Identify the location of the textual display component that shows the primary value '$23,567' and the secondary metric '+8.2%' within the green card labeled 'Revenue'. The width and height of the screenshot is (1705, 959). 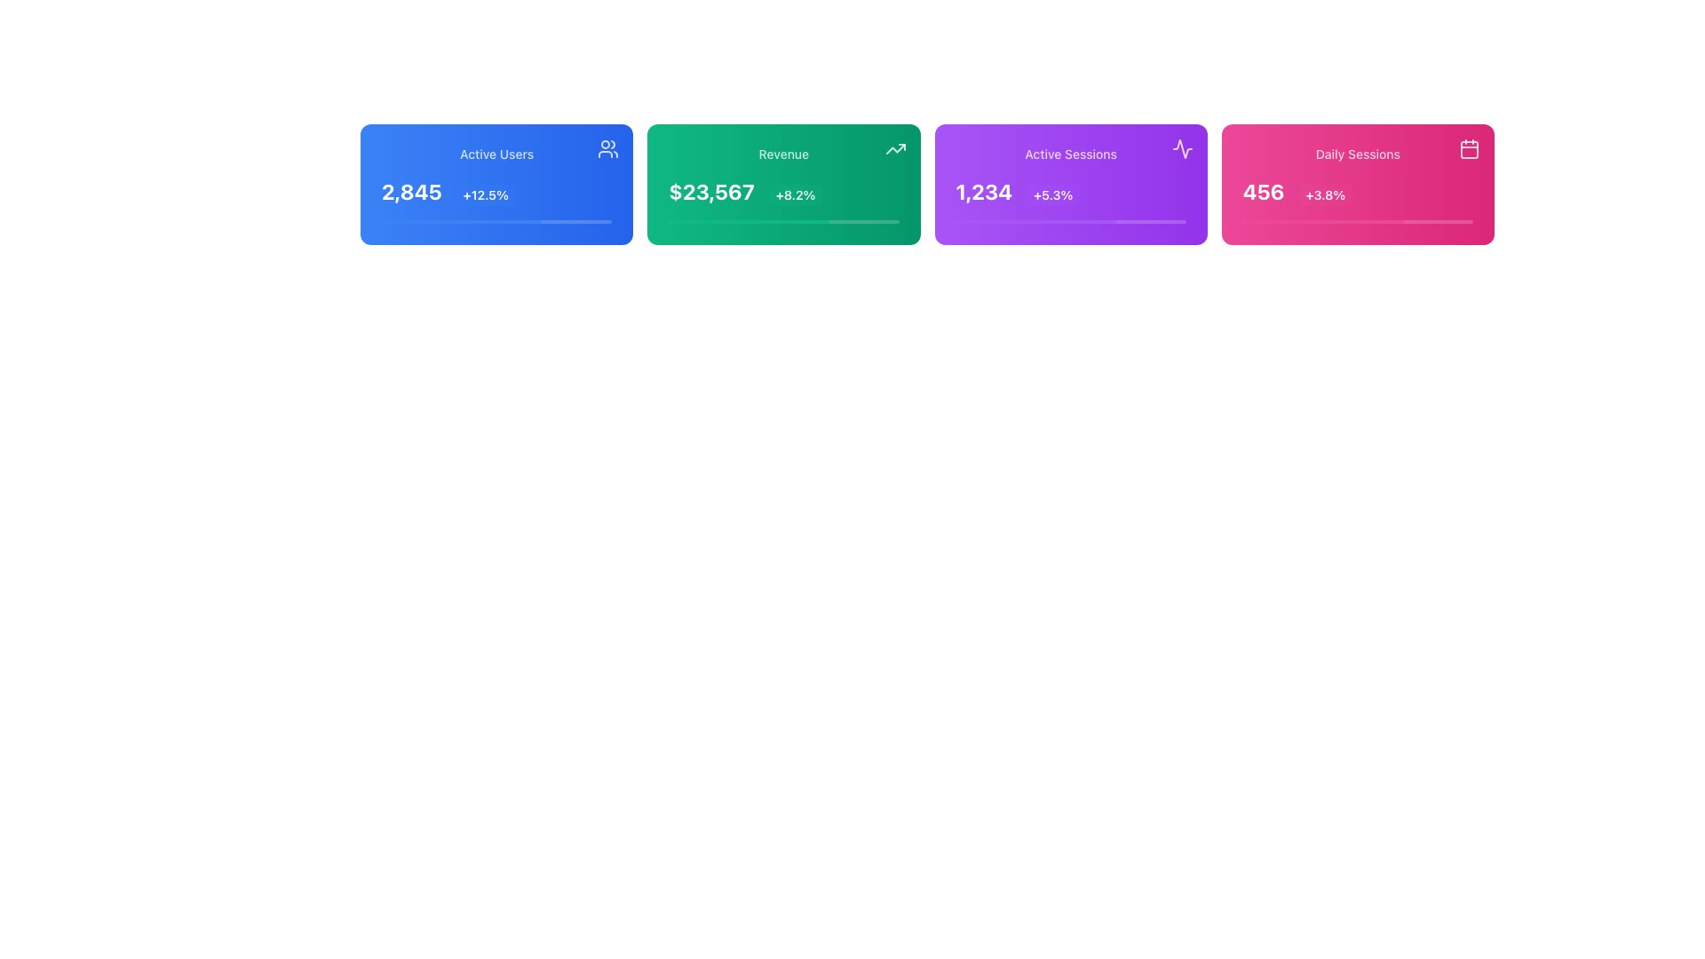
(782, 192).